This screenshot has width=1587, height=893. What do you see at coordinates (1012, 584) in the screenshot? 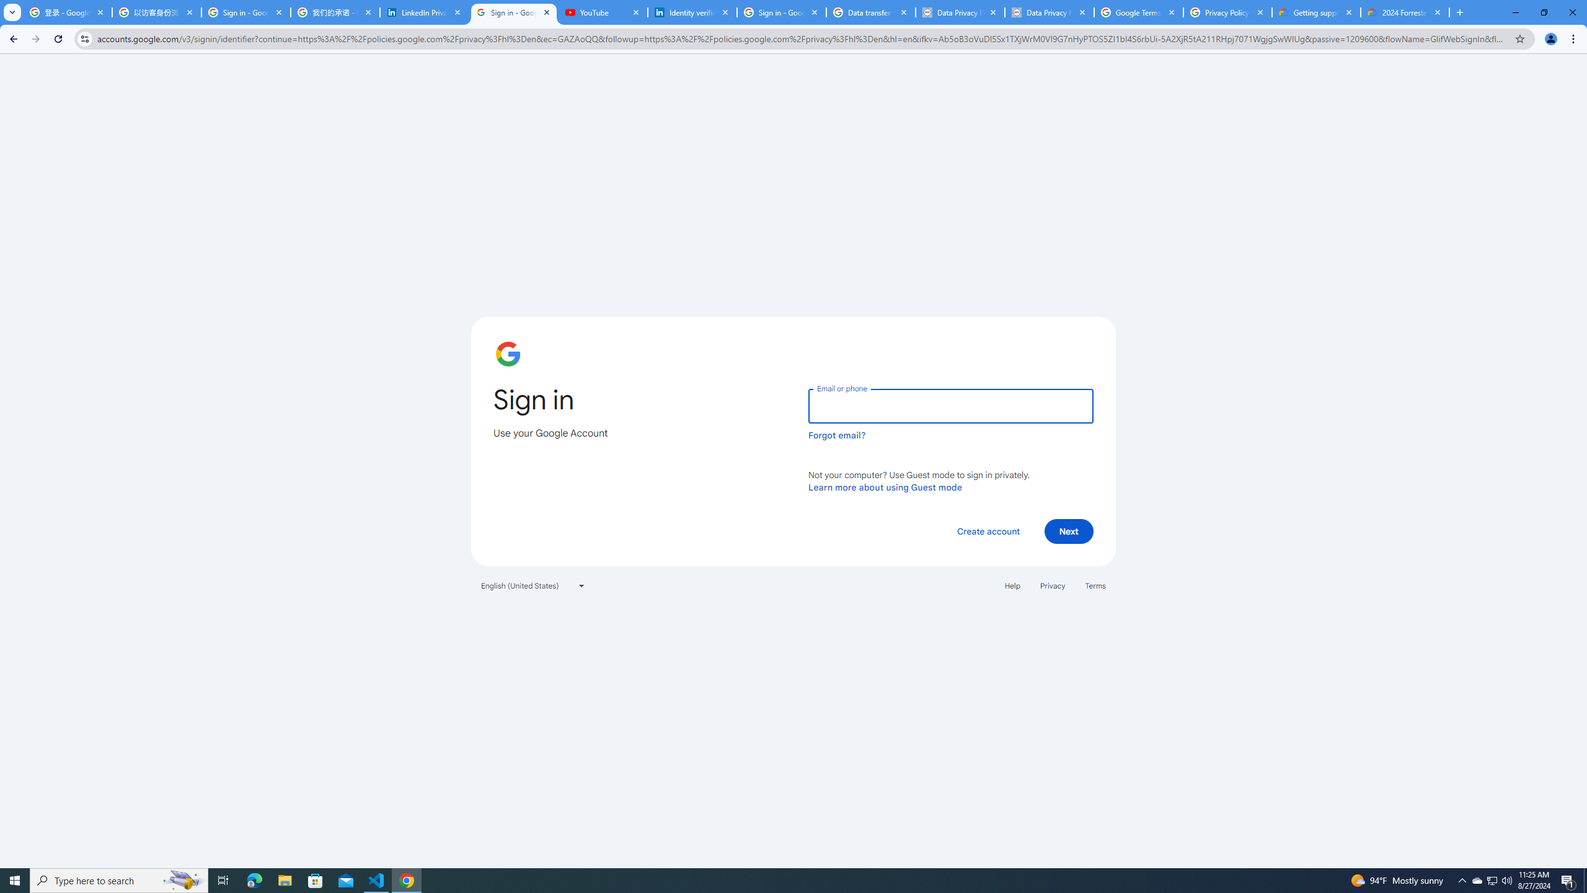
I see `'Help'` at bounding box center [1012, 584].